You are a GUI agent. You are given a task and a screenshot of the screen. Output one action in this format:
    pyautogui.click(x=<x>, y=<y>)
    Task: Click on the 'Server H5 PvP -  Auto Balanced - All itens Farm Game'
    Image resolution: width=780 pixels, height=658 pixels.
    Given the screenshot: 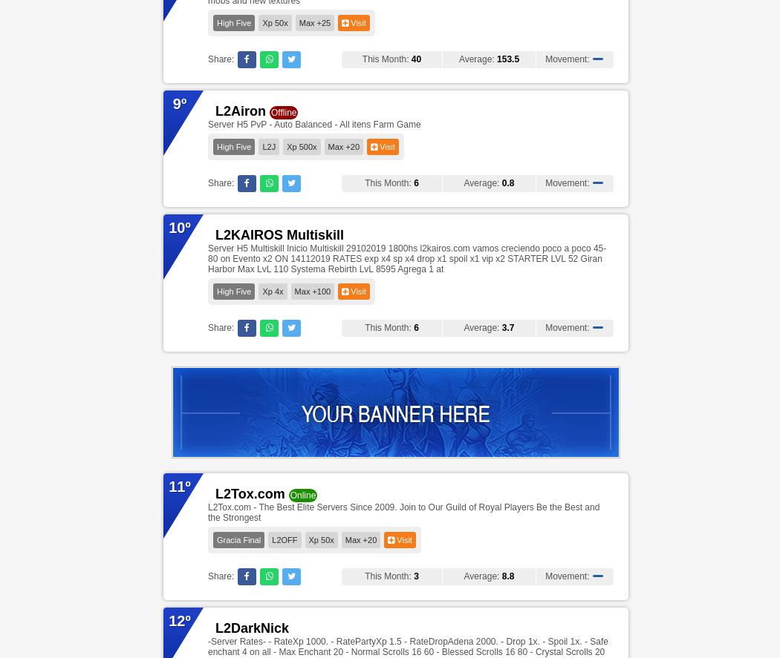 What is the action you would take?
    pyautogui.click(x=313, y=123)
    